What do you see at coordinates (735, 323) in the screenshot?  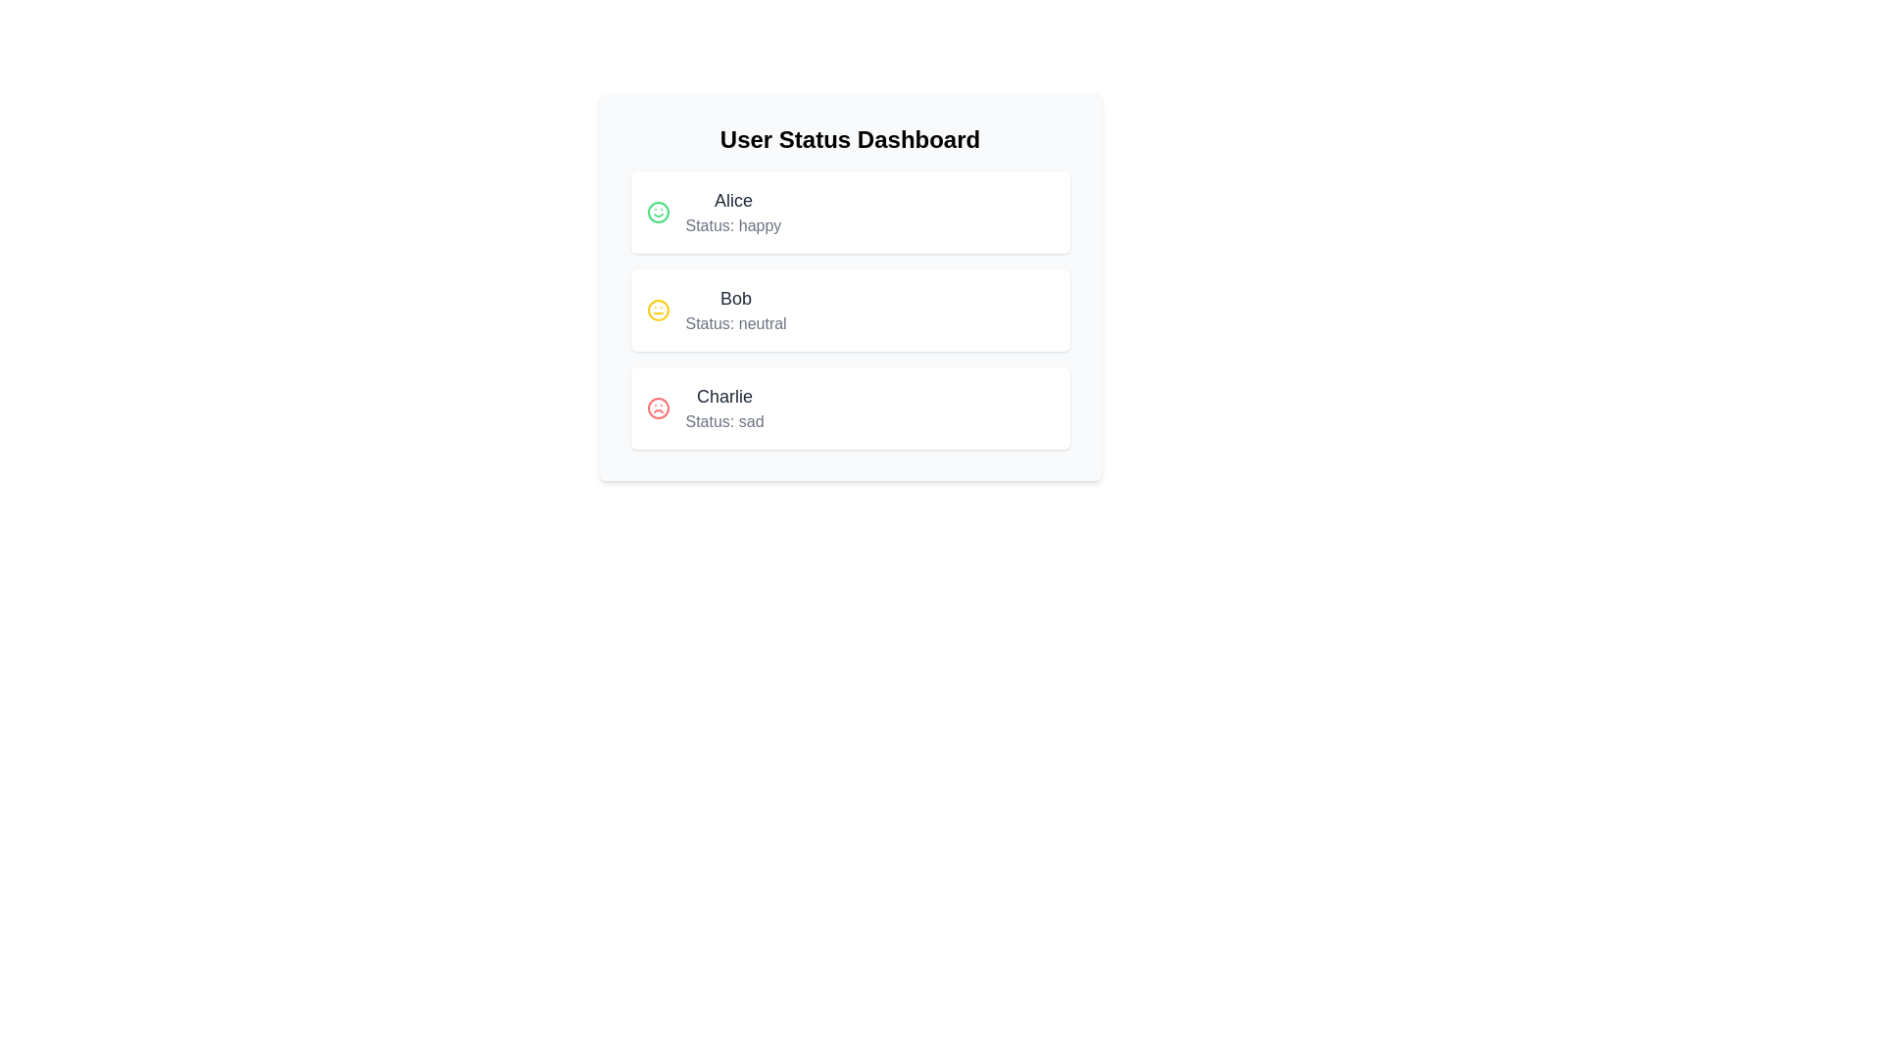 I see `the text label displaying 'Status: neutral' which is located below the name 'Bob' in the second card from the top` at bounding box center [735, 323].